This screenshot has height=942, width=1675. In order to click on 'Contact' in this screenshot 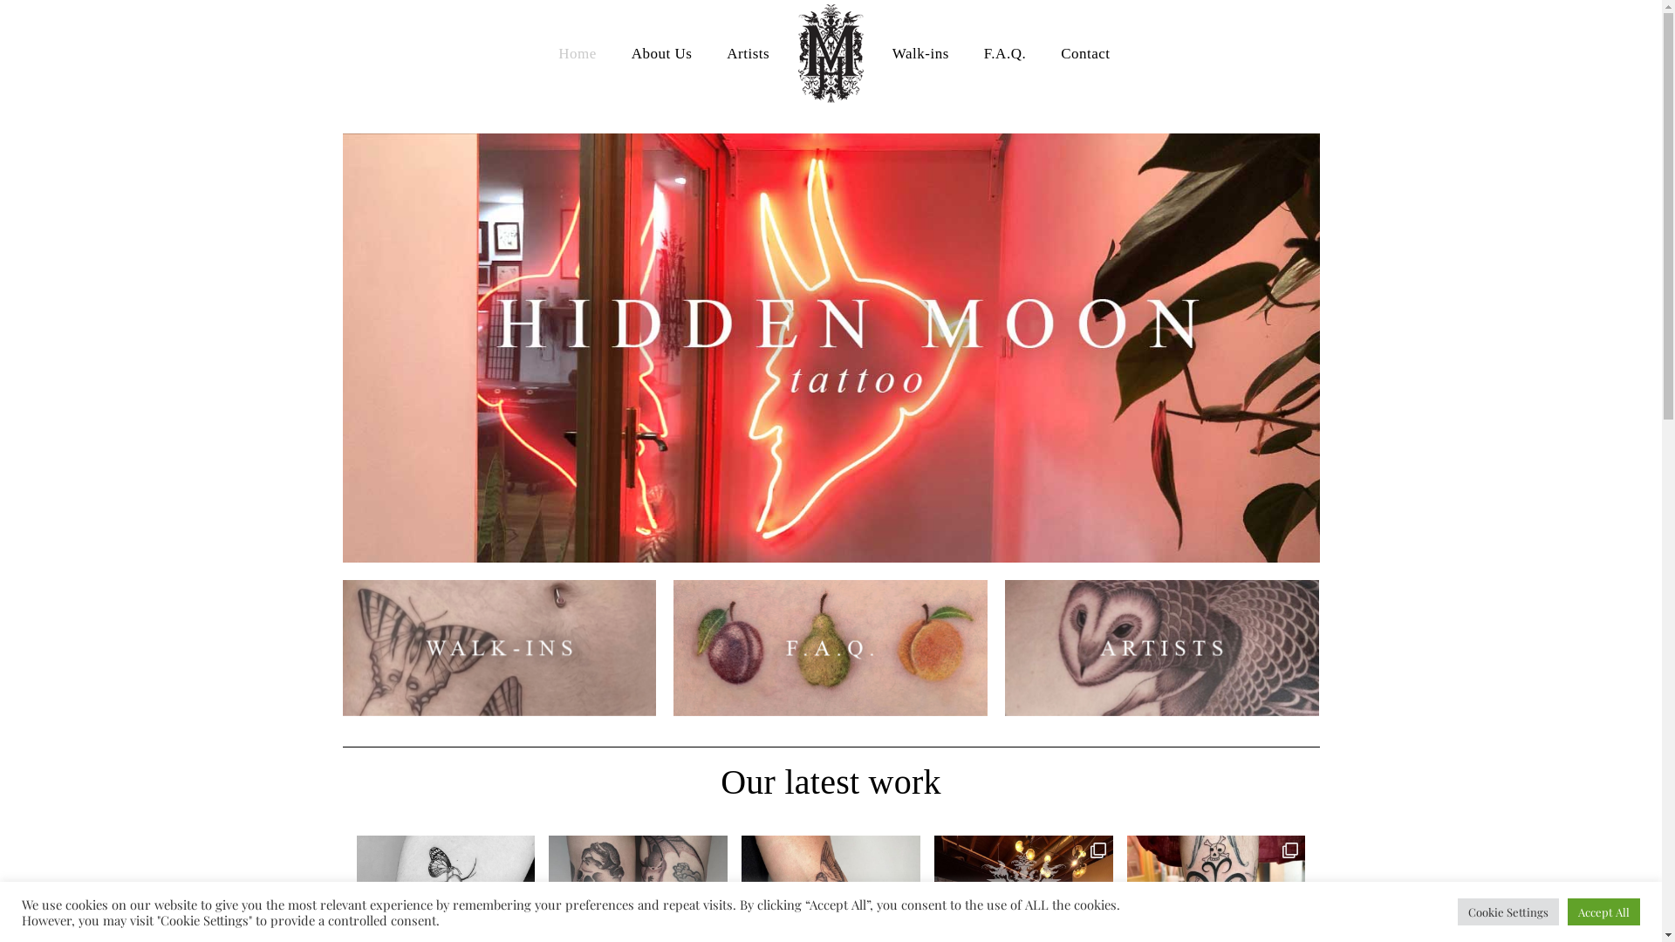, I will do `click(1043, 52)`.